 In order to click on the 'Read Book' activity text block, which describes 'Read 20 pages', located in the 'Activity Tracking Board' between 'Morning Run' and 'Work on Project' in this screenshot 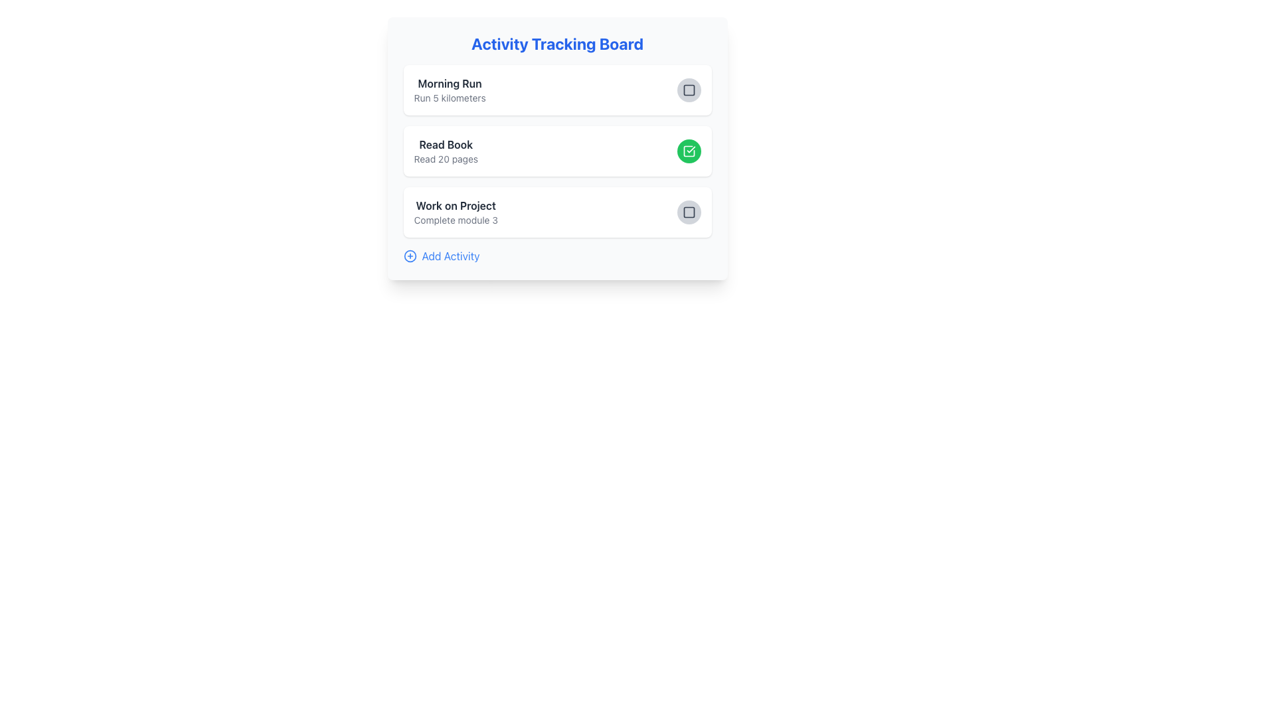, I will do `click(446, 150)`.